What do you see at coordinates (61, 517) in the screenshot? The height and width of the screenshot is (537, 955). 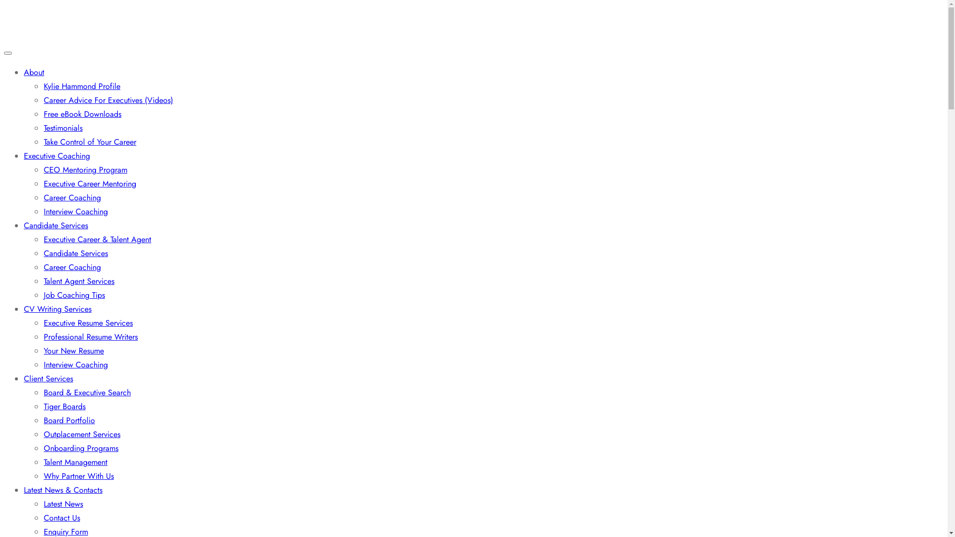 I see `'Contact Us'` at bounding box center [61, 517].